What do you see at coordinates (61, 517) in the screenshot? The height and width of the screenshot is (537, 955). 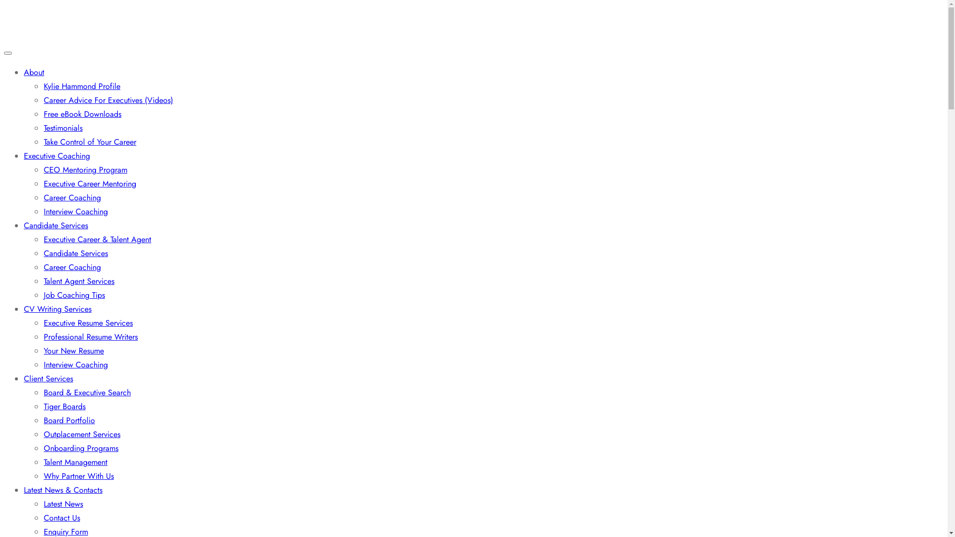 I see `'Contact Us'` at bounding box center [61, 517].